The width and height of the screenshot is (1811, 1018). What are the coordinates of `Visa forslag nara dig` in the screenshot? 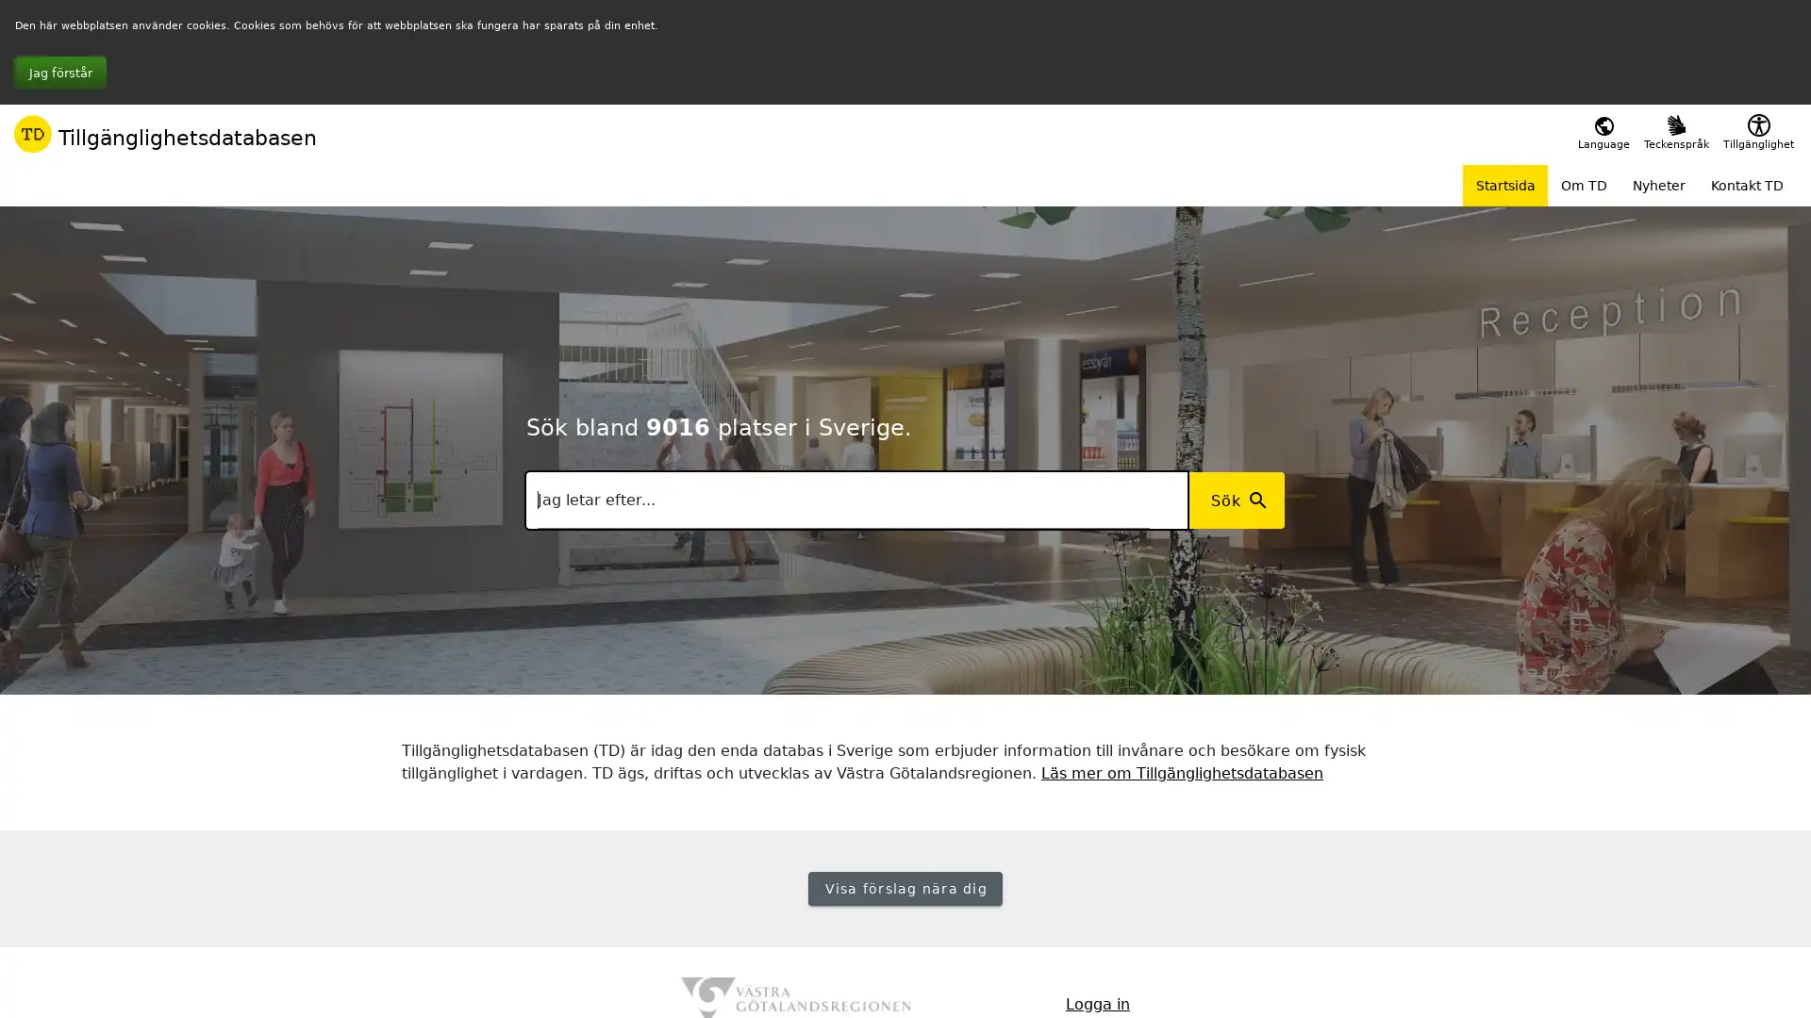 It's located at (904, 888).